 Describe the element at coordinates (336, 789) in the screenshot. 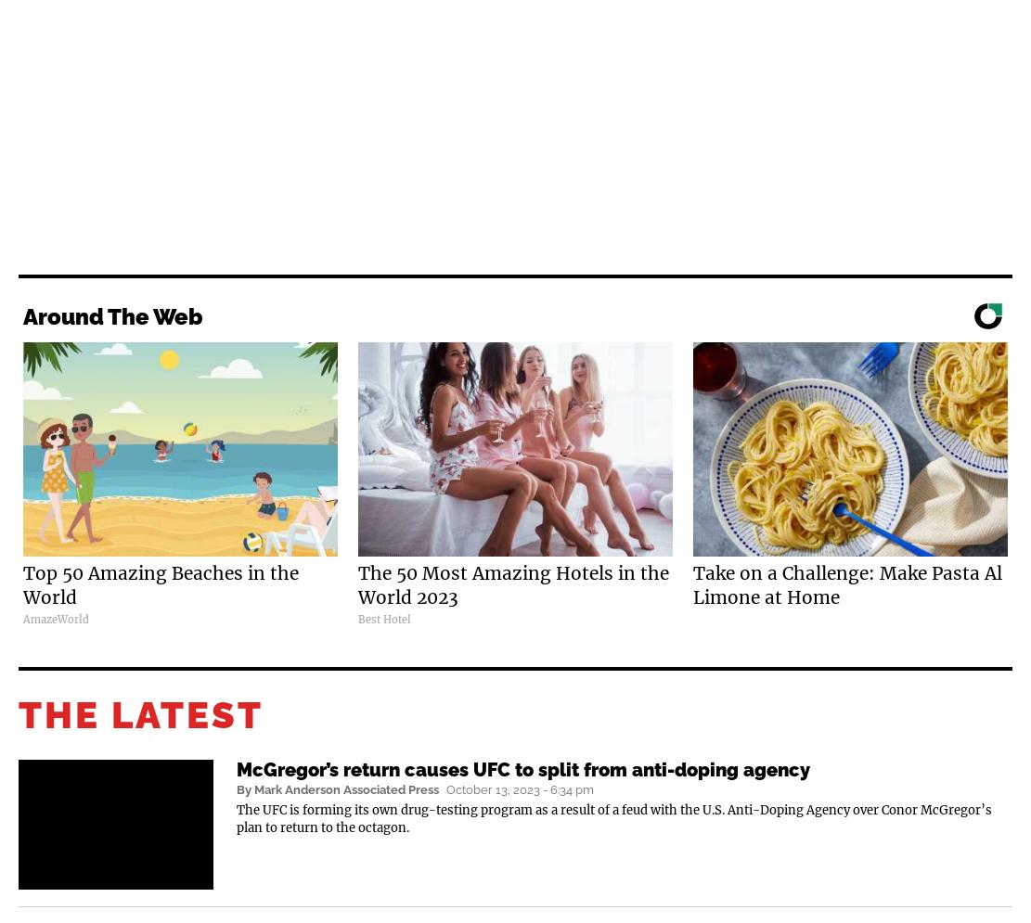

I see `'By Mark Anderson Associated Press'` at that location.